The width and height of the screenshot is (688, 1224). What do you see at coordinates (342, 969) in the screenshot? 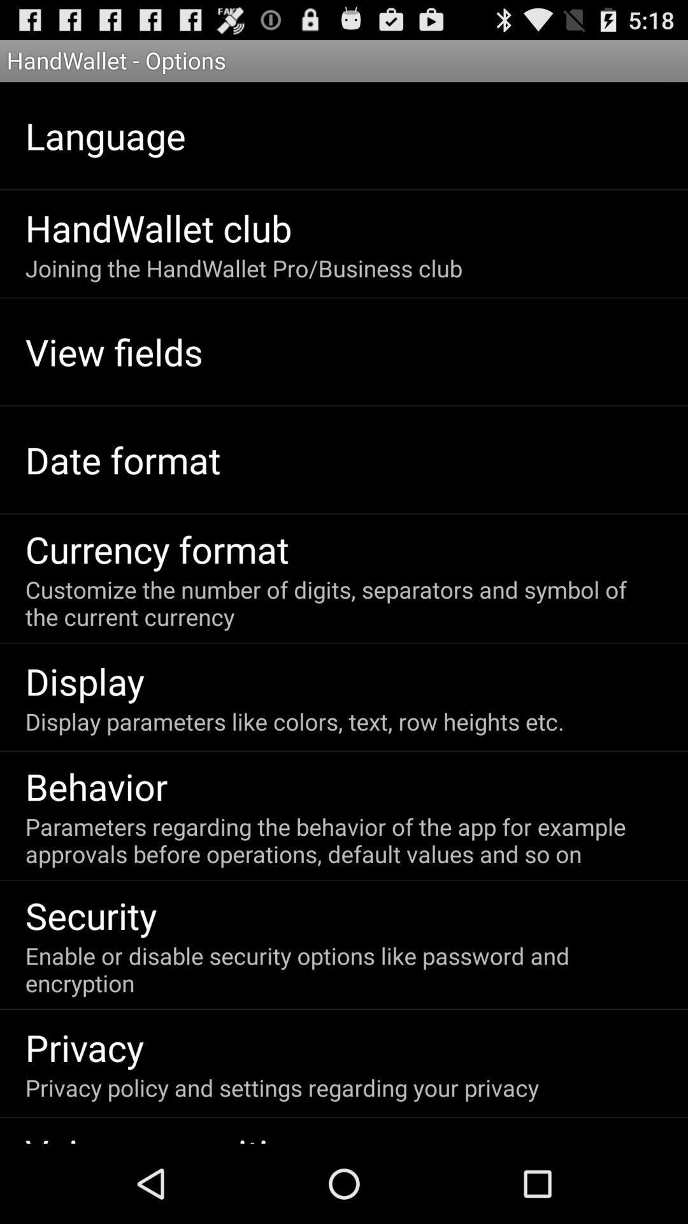
I see `enable or disable icon` at bounding box center [342, 969].